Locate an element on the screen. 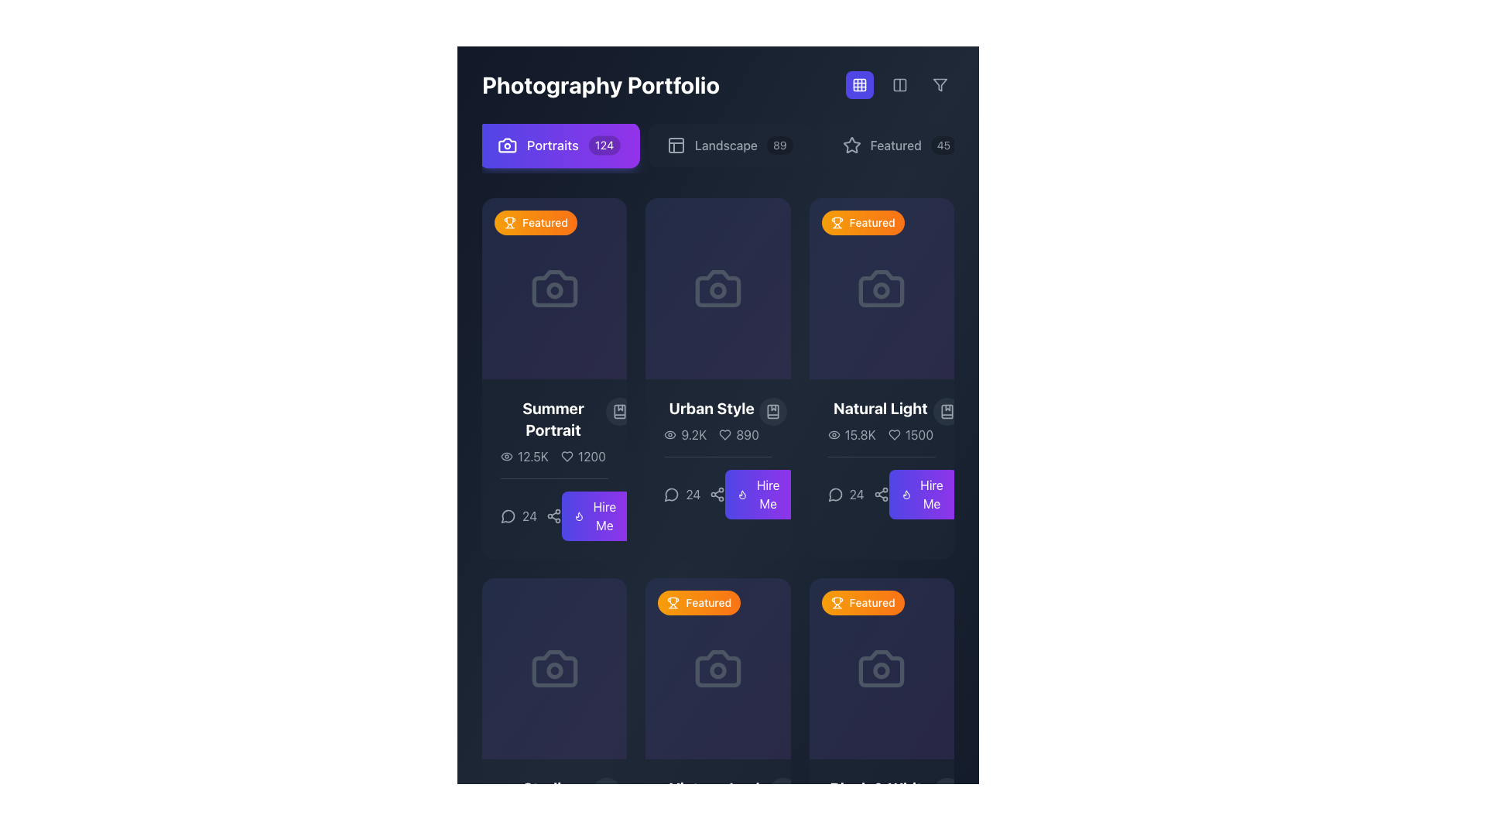 Image resolution: width=1486 pixels, height=836 pixels. the circular graphic element within the camera icon, which is styled as a simple stroke without fill and represents a lens, located centrally on the camera icon graphic in the 'Natural Light' section is located at coordinates (882, 290).